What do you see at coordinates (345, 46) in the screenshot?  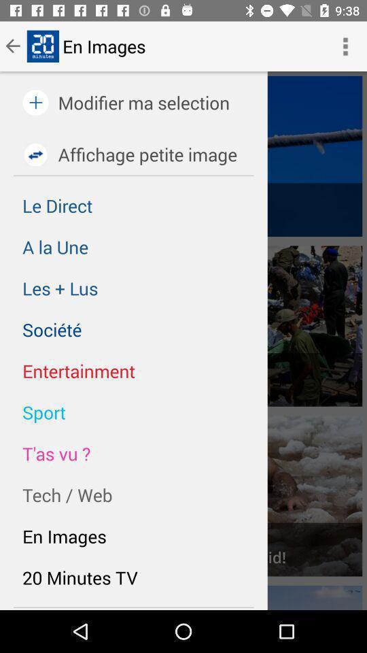 I see `the button next to en images` at bounding box center [345, 46].